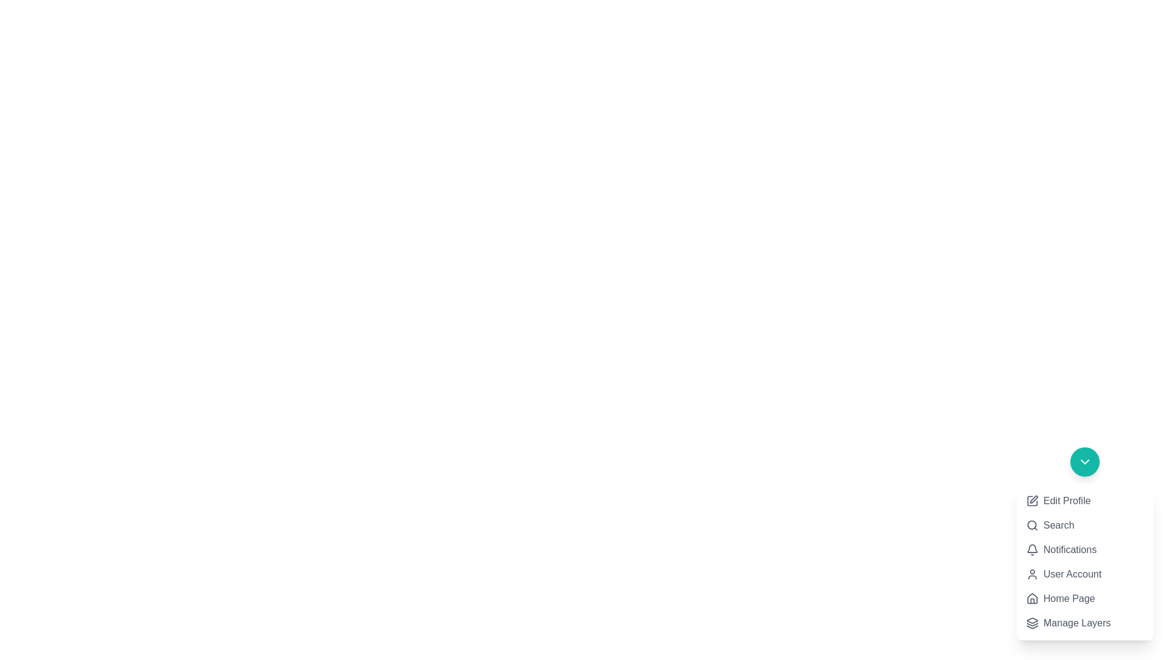 The width and height of the screenshot is (1173, 660). I want to click on the circular teal button with a white downward chevron icon to observe its hover effects, so click(1085, 462).